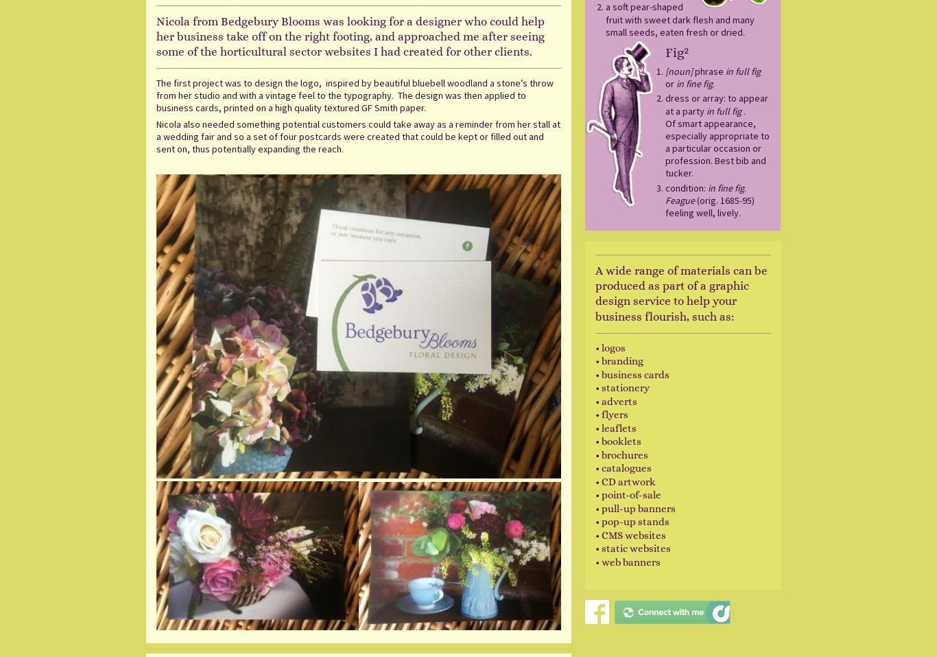 The image size is (937, 657). Describe the element at coordinates (621, 388) in the screenshot. I see `'• stationery'` at that location.